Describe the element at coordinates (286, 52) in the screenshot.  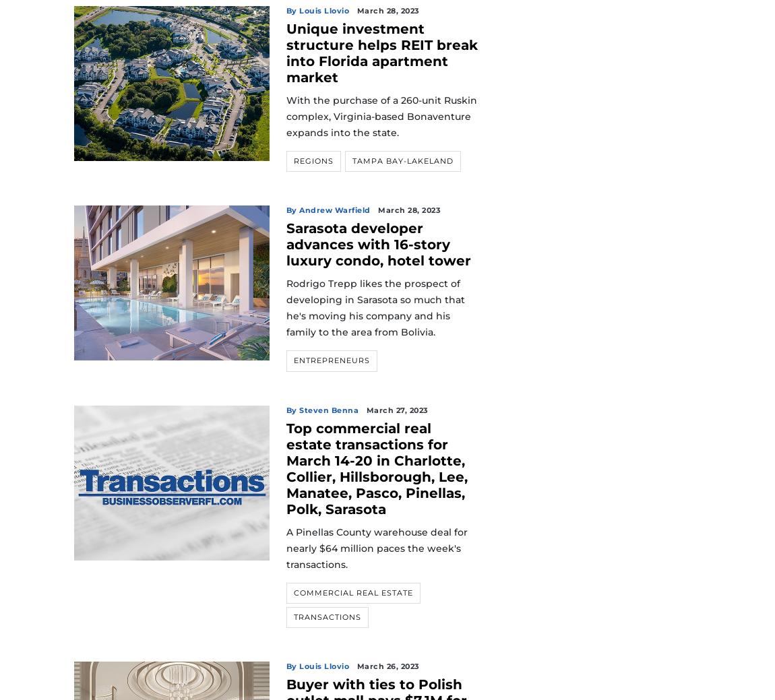
I see `'Unique investment structure helps REIT break into Florida apartment market'` at that location.